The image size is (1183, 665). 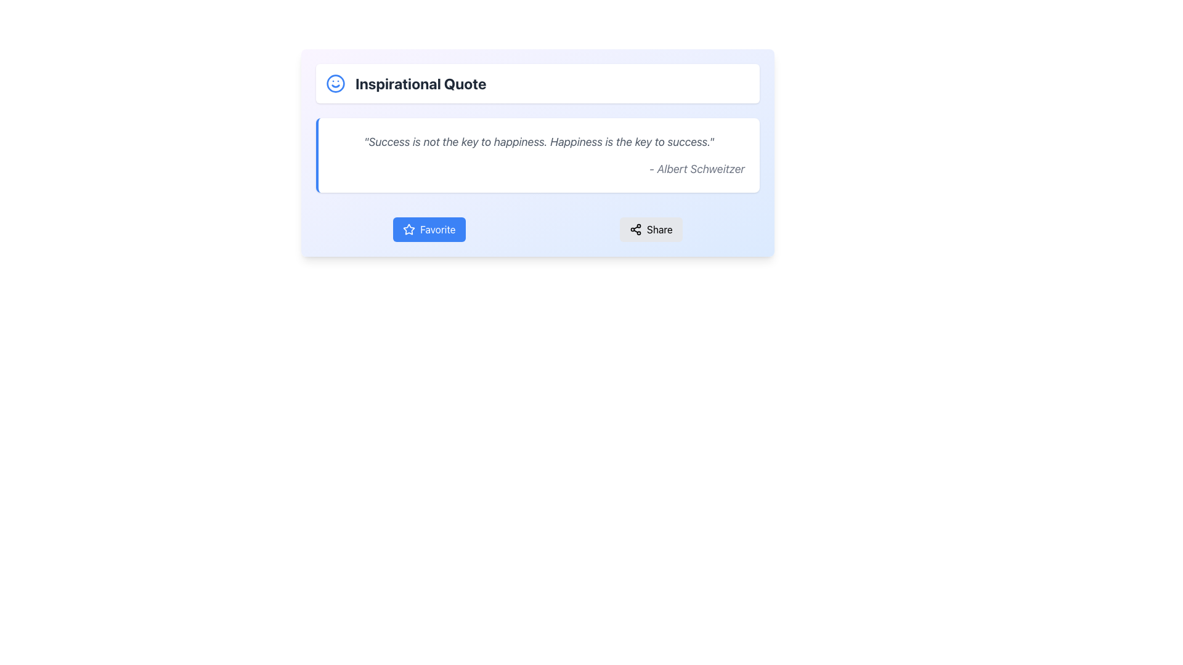 What do you see at coordinates (539, 141) in the screenshot?
I see `the quote text element that is styled in italicized grey text, prominently displayed in a white box with rounded corners and a blue left border, which reads: 'Success is not the key to happiness. Happiness is the key to success.'` at bounding box center [539, 141].